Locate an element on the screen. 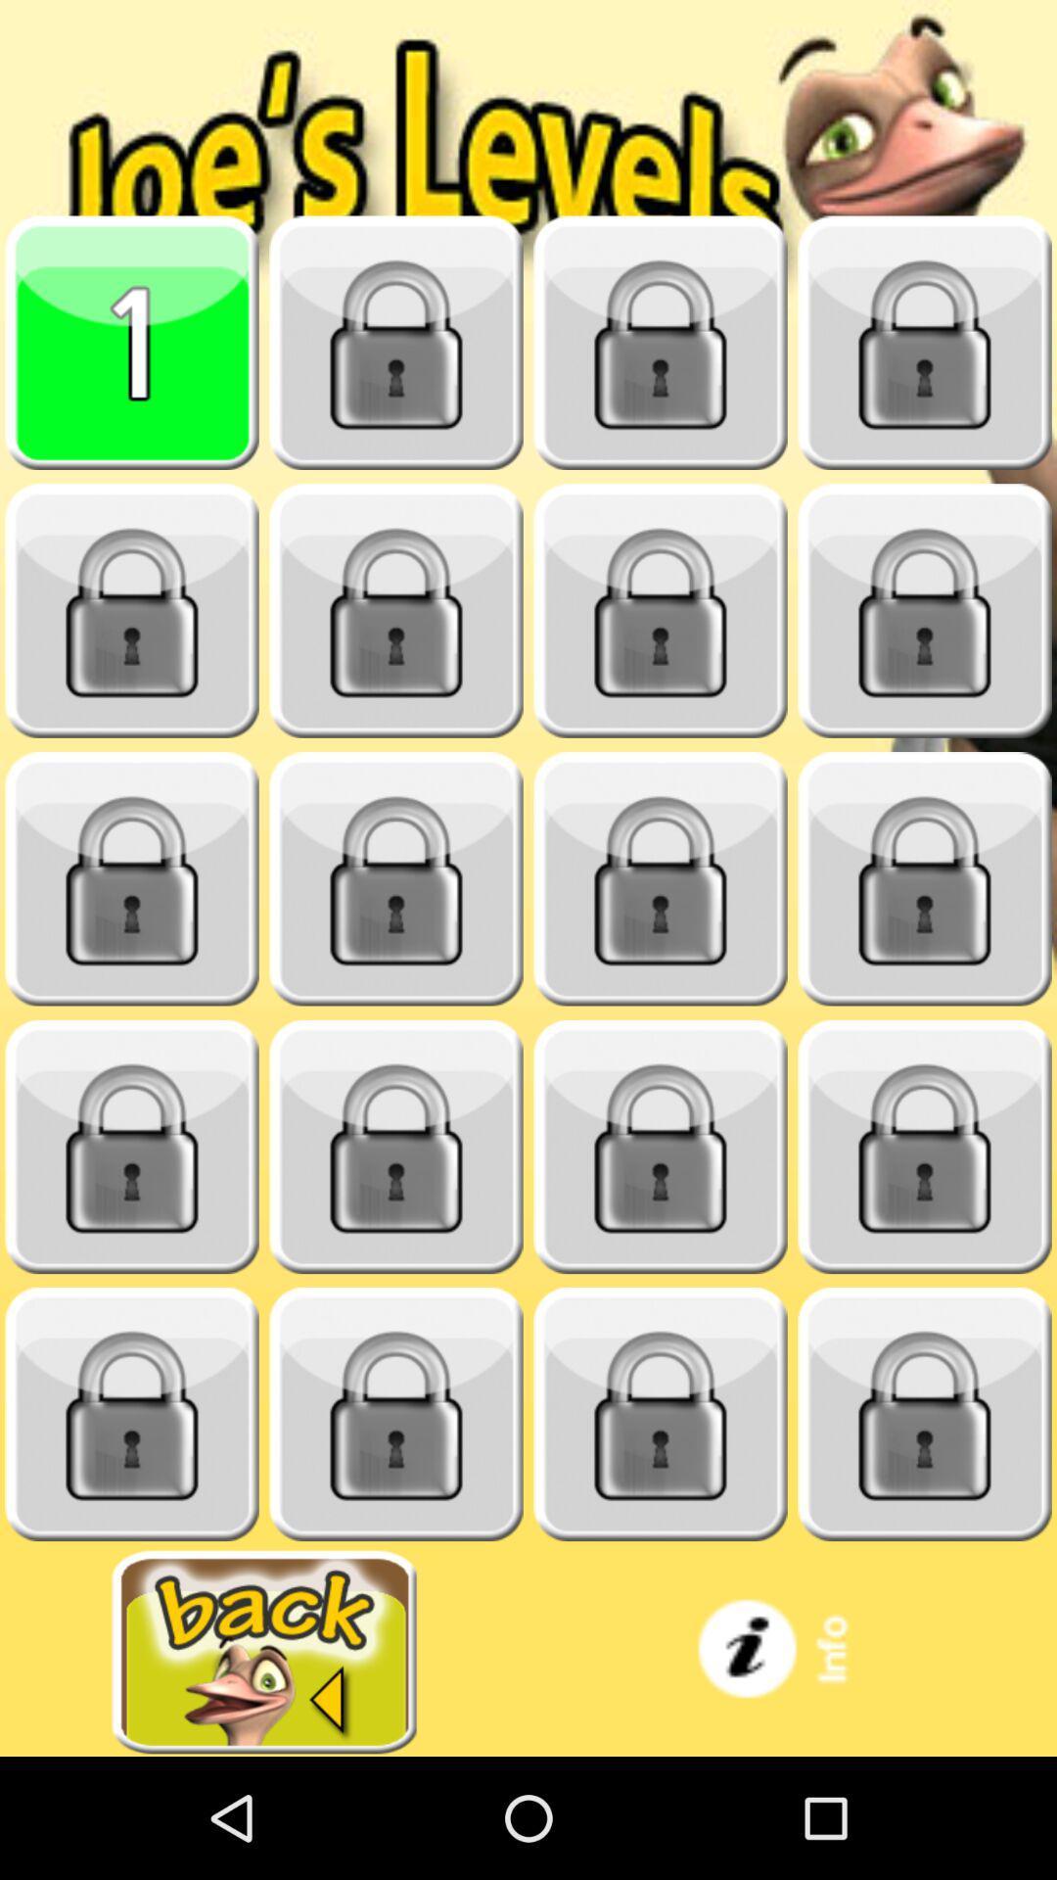  lock option is located at coordinates (925, 1147).